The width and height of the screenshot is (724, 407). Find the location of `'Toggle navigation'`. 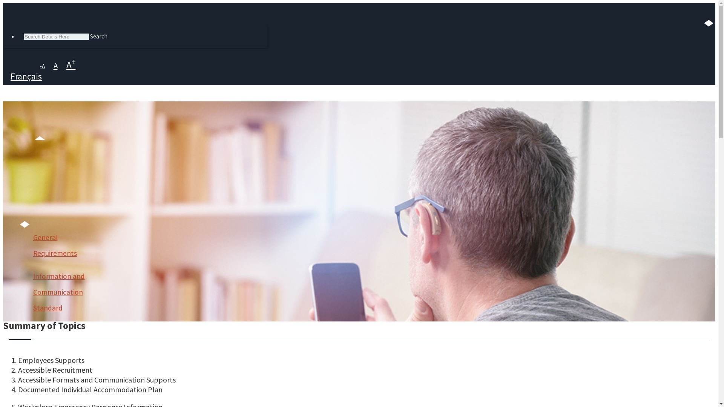

'Toggle navigation' is located at coordinates (150, 117).